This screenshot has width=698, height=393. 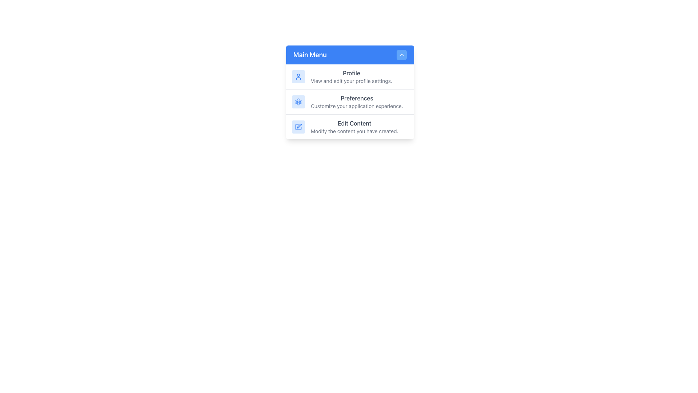 I want to click on the 'Profile' text label element, which is the first item in the vertical list under the 'Main Menu' header, so click(x=351, y=77).